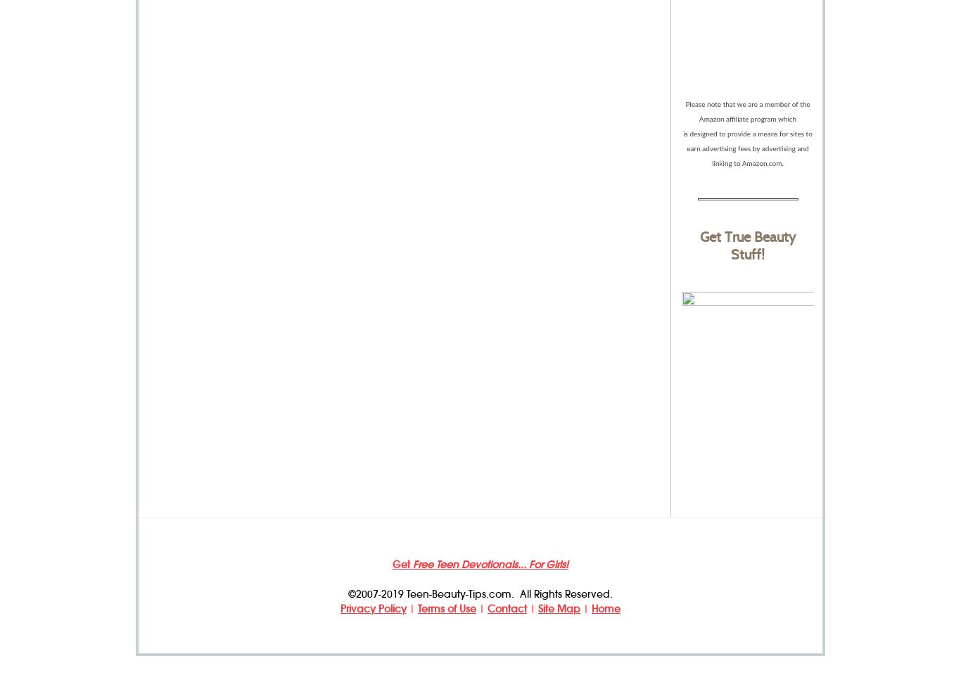 This screenshot has width=961, height=687. I want to click on 'Site Map', so click(559, 608).